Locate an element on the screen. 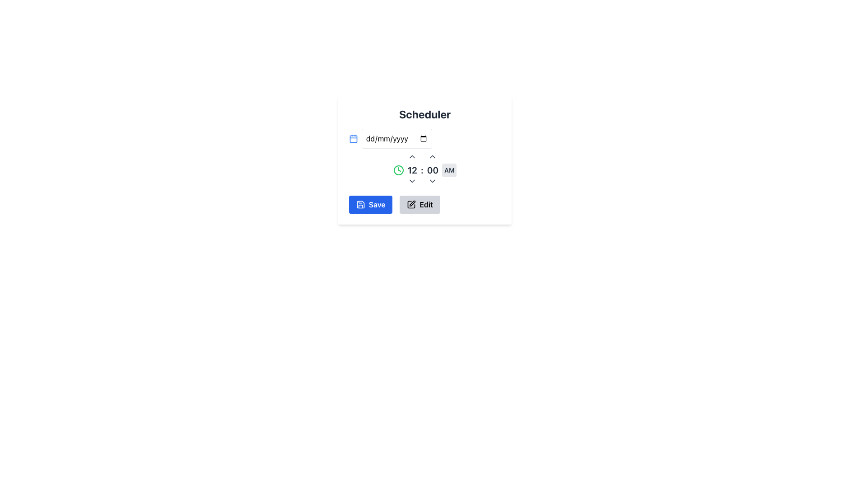  the interactive button that increments the numeric value displayed beneath it is located at coordinates (412, 156).